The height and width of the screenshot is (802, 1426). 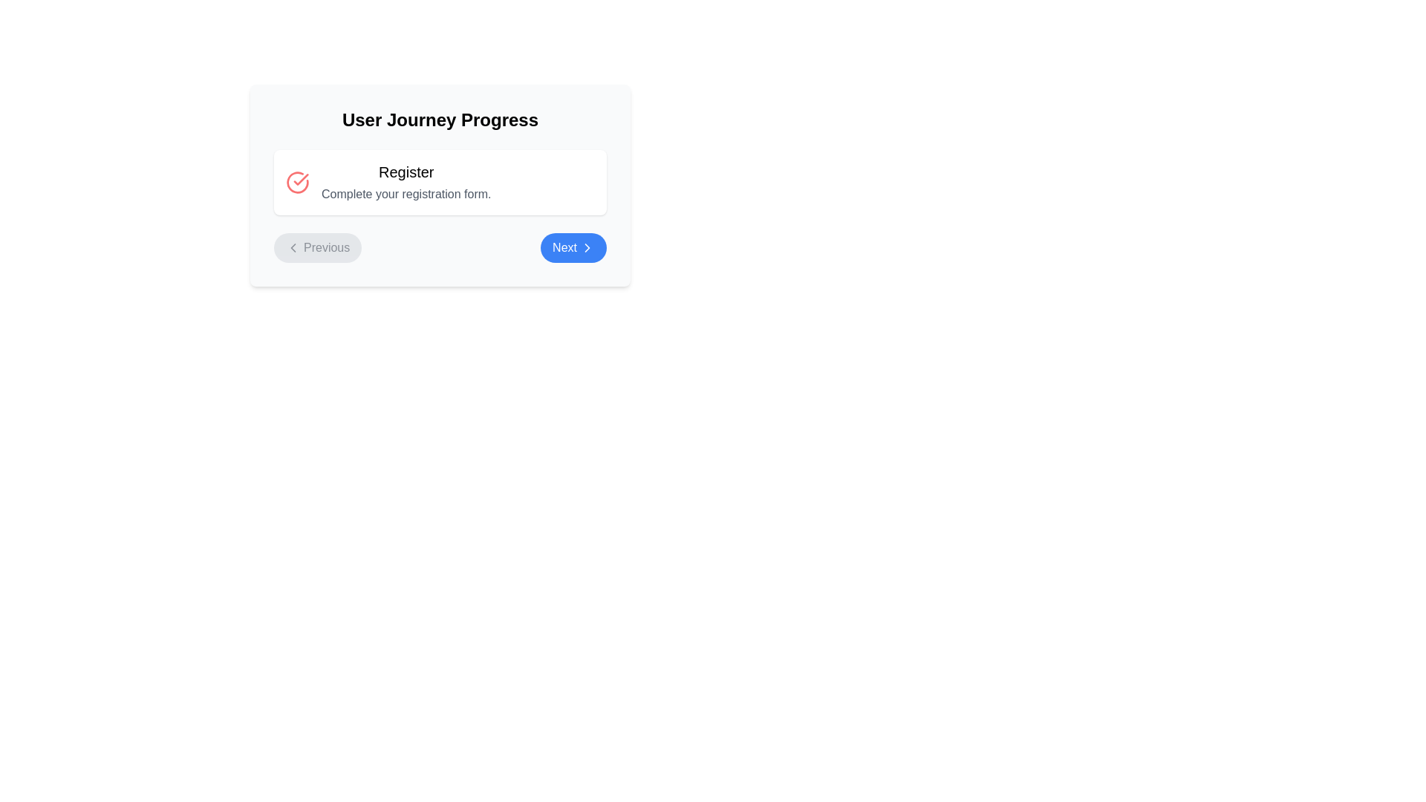 What do you see at coordinates (293, 247) in the screenshot?
I see `the left-pointing chevron icon within the 'Previous' button located at the bottom-left of the form card` at bounding box center [293, 247].